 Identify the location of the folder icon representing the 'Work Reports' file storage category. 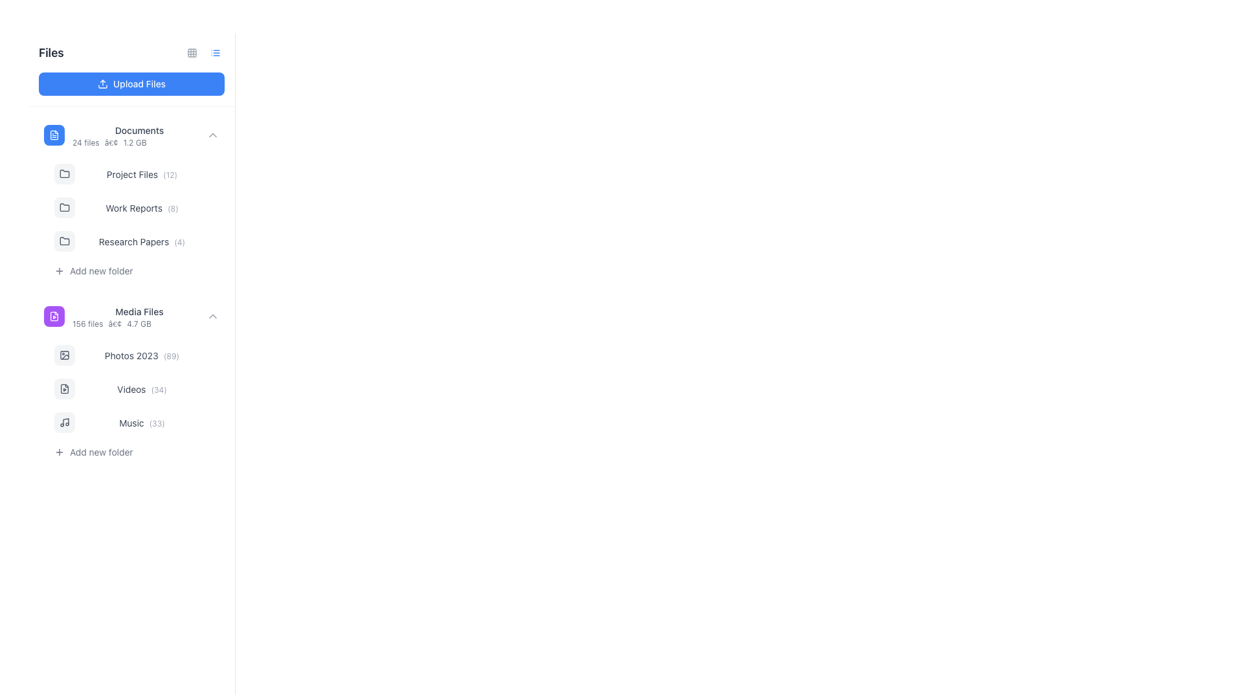
(64, 206).